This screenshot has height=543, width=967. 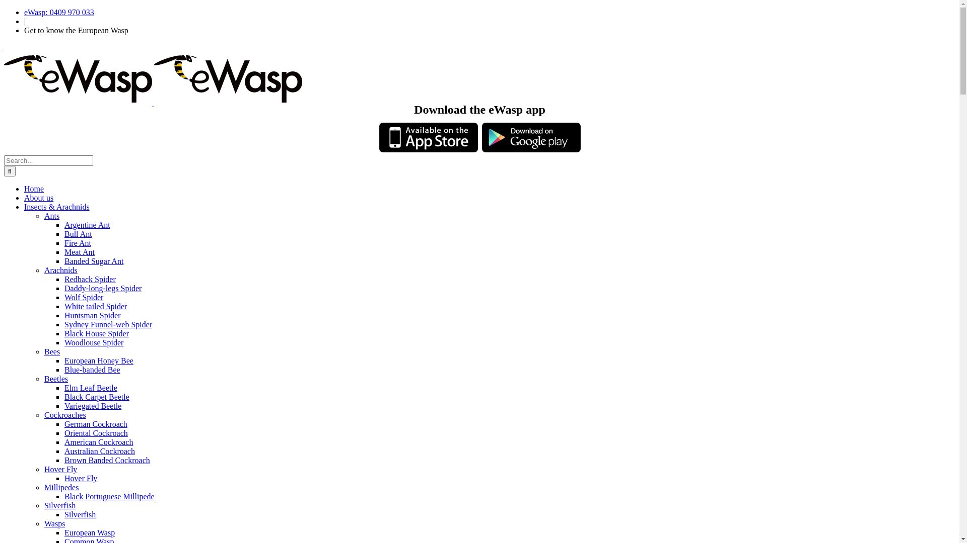 I want to click on 'Blue-banded Bee', so click(x=92, y=370).